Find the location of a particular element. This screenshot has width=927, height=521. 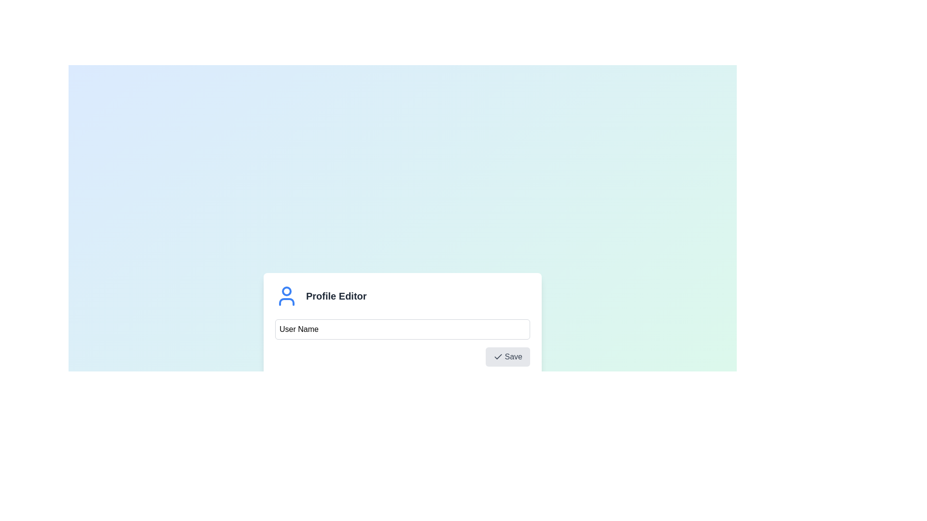

the text label of the 'Save' button located in the lower-right region of the light gray button containing a checkmark icon is located at coordinates (513, 357).